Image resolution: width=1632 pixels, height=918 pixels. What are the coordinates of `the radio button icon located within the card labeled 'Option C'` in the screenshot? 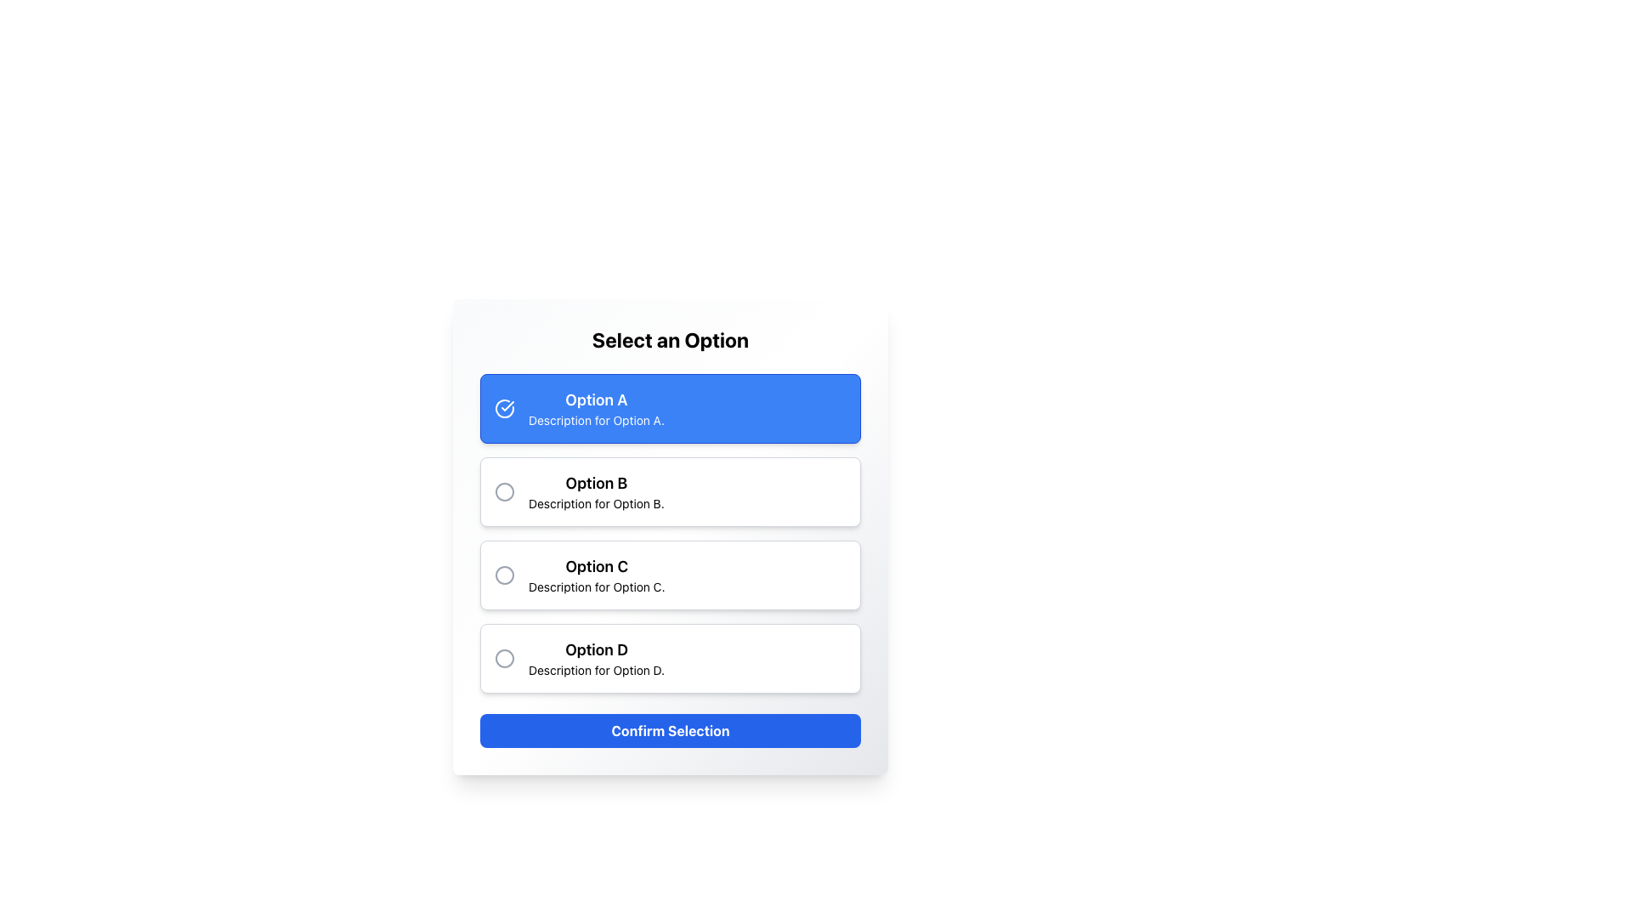 It's located at (504, 575).